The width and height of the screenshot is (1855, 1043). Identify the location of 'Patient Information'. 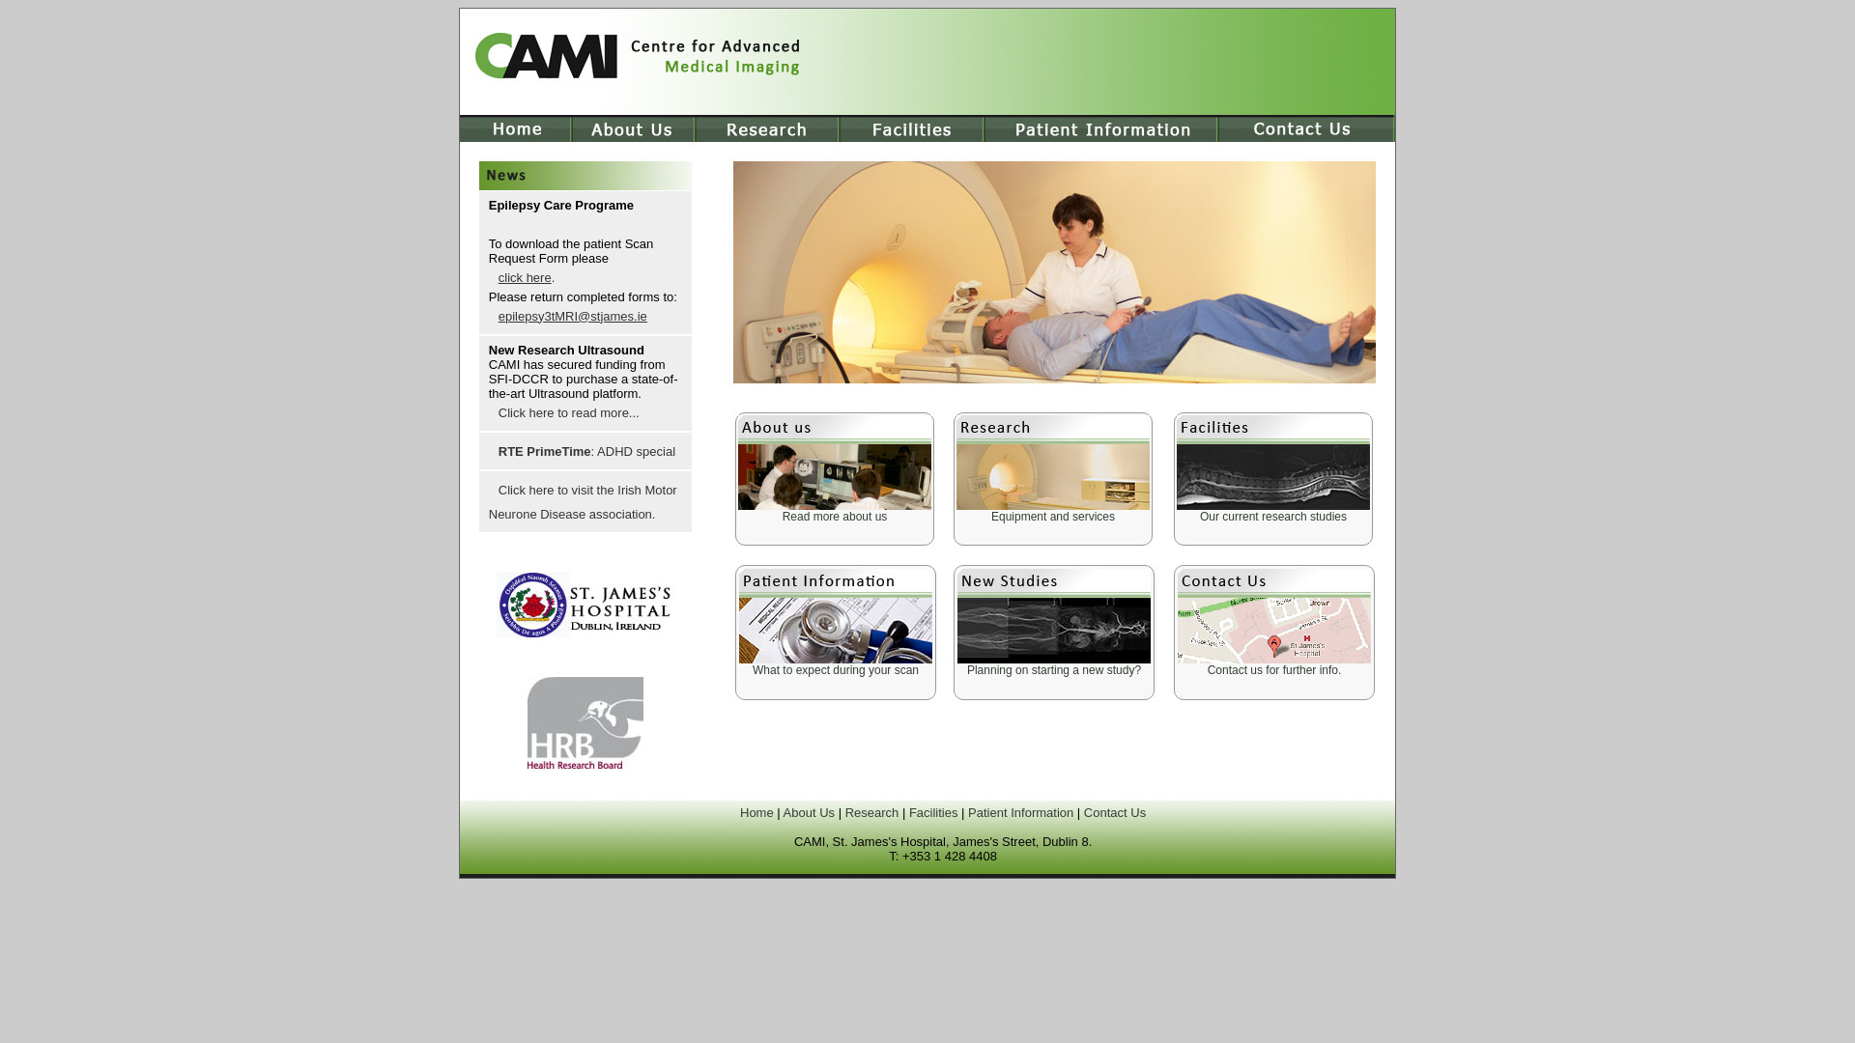
(968, 812).